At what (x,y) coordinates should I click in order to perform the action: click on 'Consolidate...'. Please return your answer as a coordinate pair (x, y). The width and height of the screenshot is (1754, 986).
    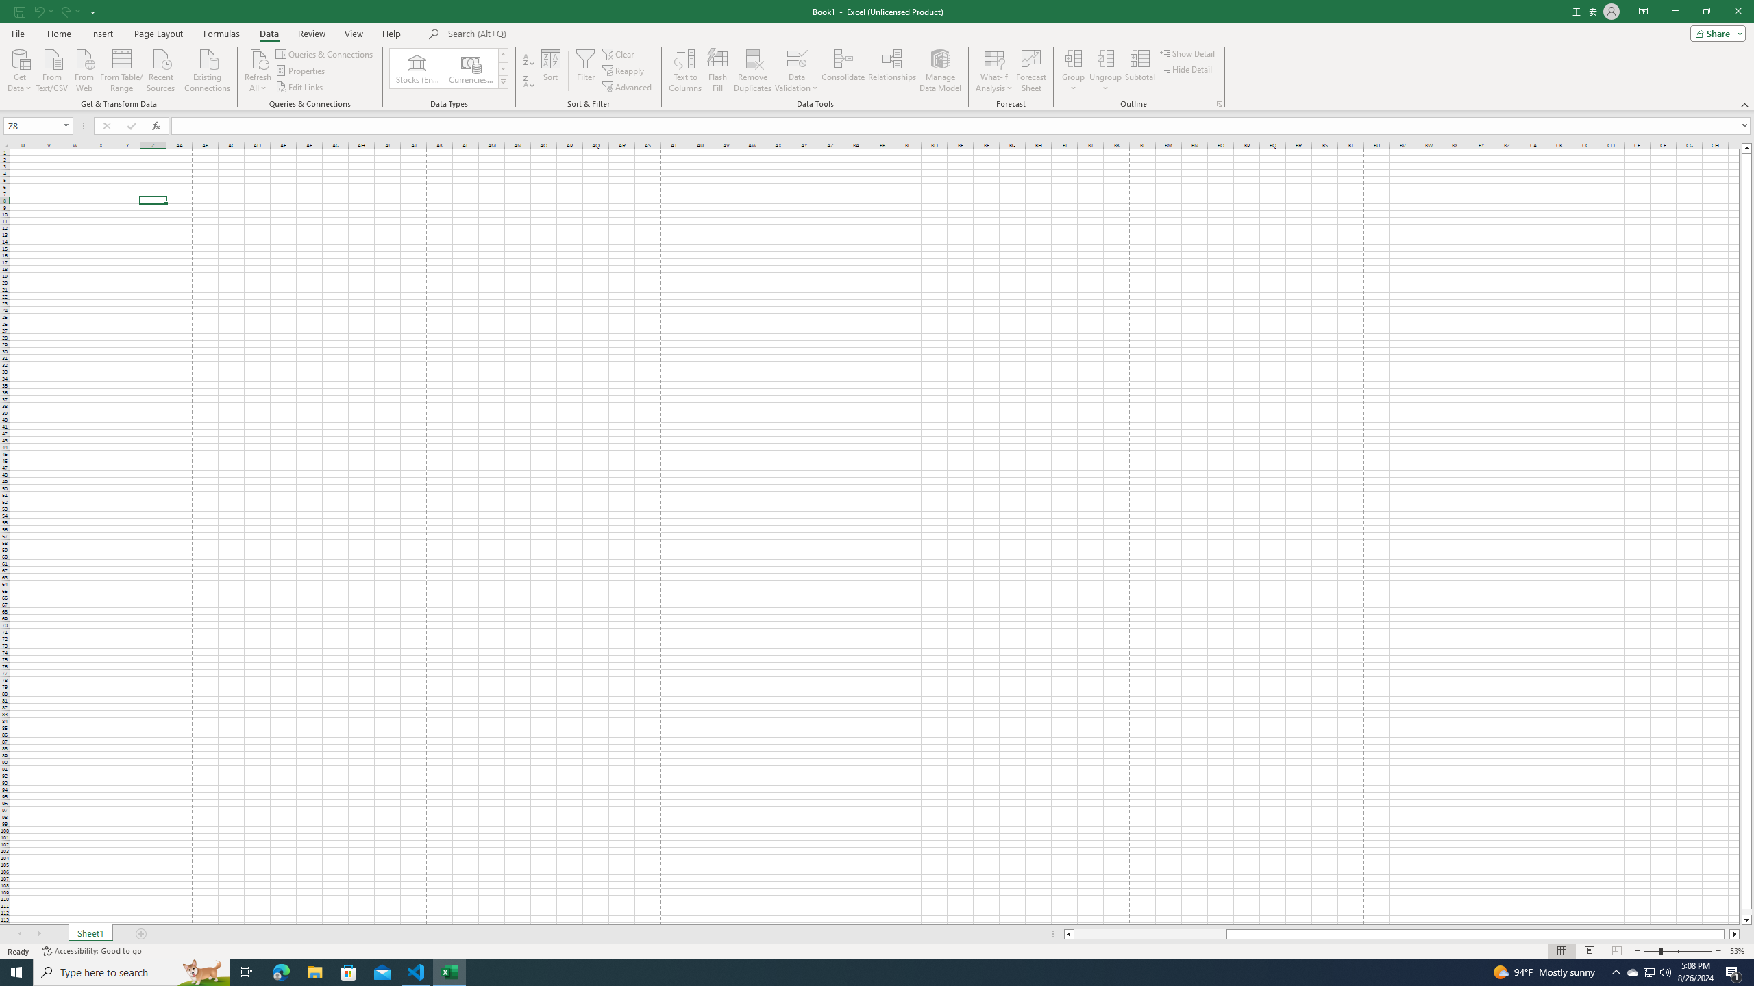
    Looking at the image, I should click on (843, 71).